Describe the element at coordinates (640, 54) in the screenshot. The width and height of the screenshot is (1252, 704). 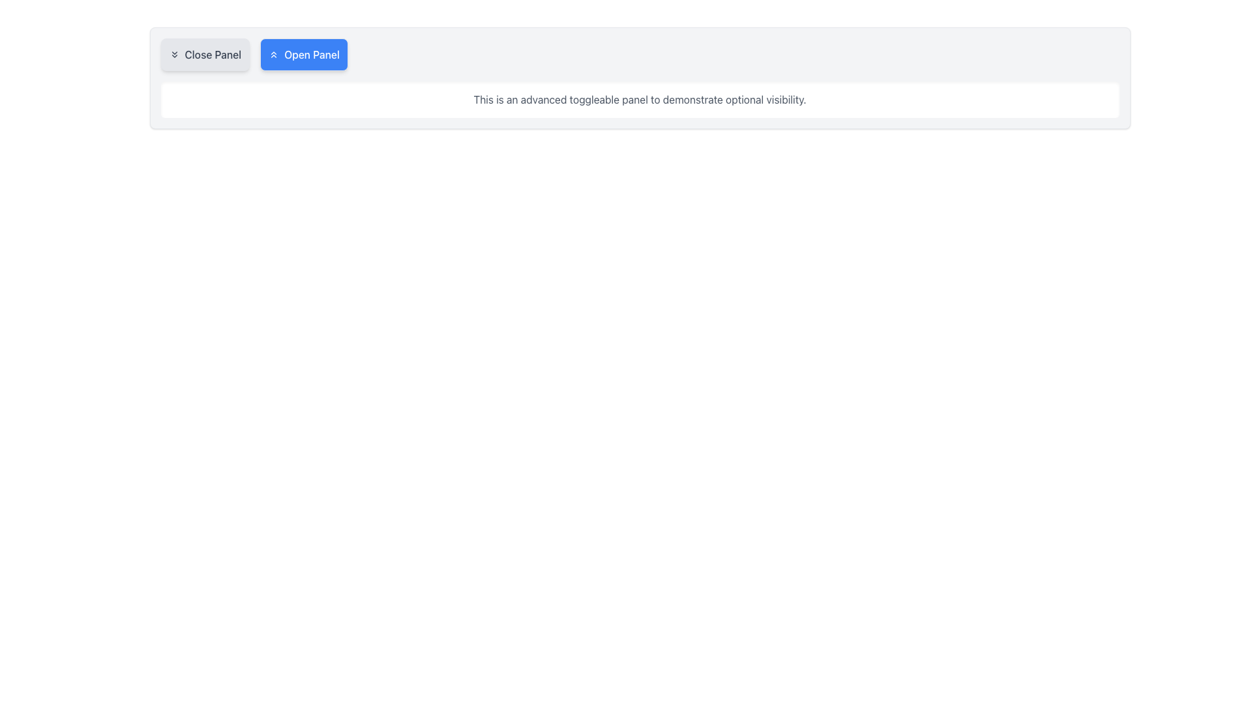
I see `the 'Close Panel' button in the button group located at the top of the bordered, rounded, grey panel` at that location.